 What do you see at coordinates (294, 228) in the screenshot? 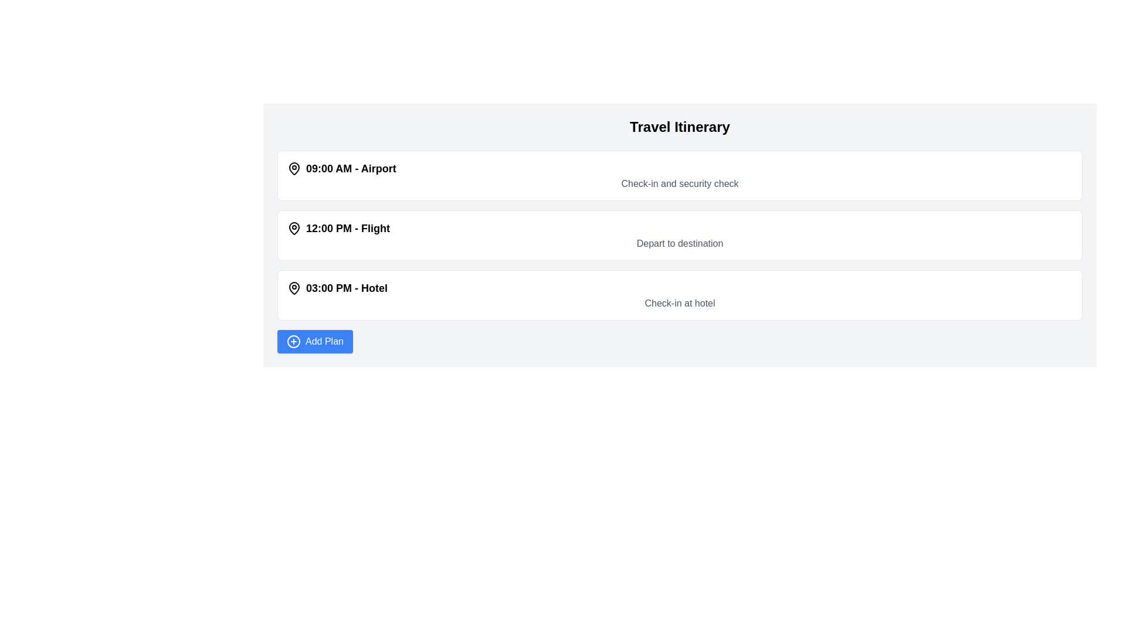
I see `the map pin icon representing the event '12:00 PM - Flight' in the itinerary, located in the second list item of a vertical itinerary view` at bounding box center [294, 228].